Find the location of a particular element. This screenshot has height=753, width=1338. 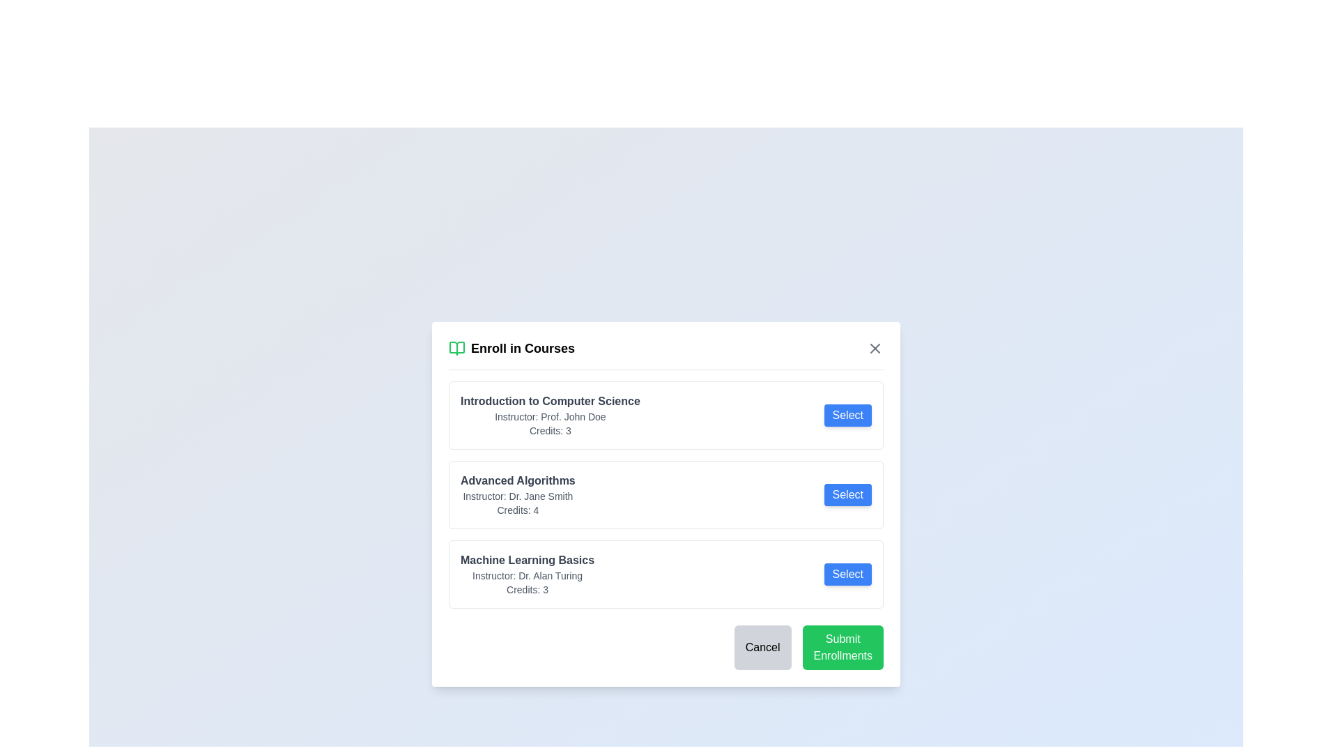

Text Label that displays the number of credits for the course 'Advanced Algorithms', which is located below 'Instructor: Dr. Jane Smith' is located at coordinates (517, 510).